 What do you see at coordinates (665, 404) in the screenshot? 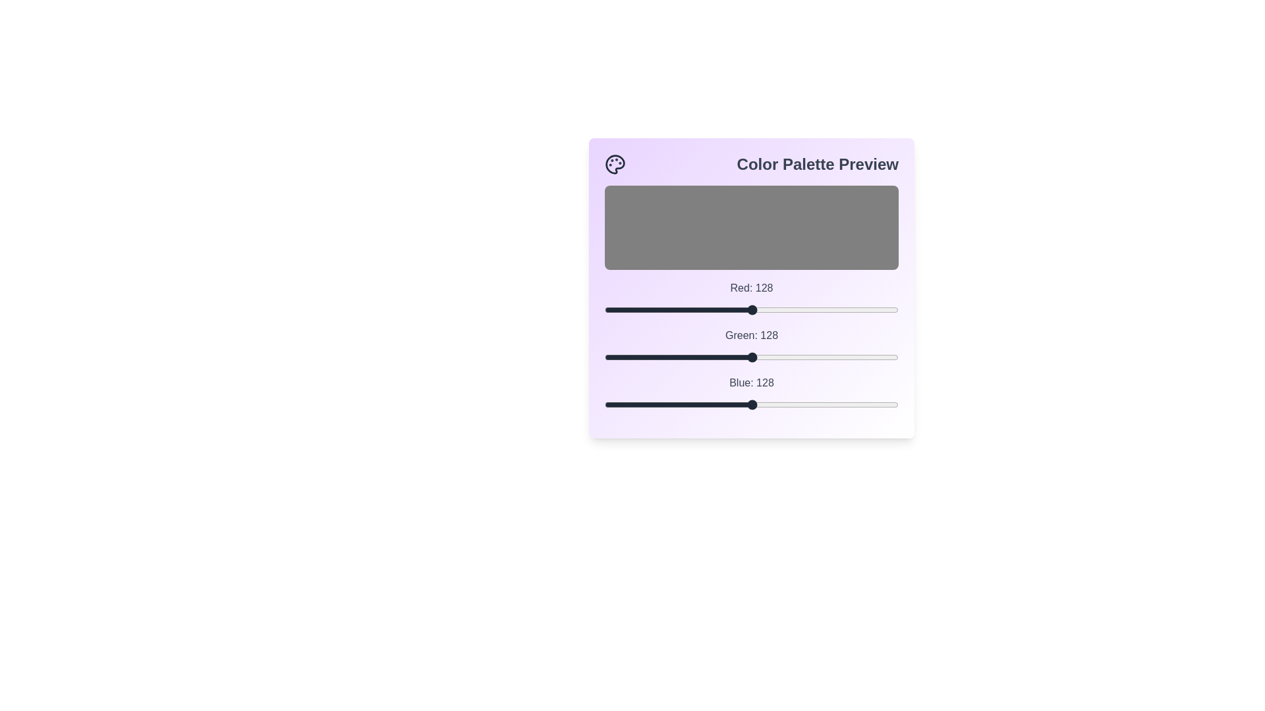
I see `the blue color value` at bounding box center [665, 404].